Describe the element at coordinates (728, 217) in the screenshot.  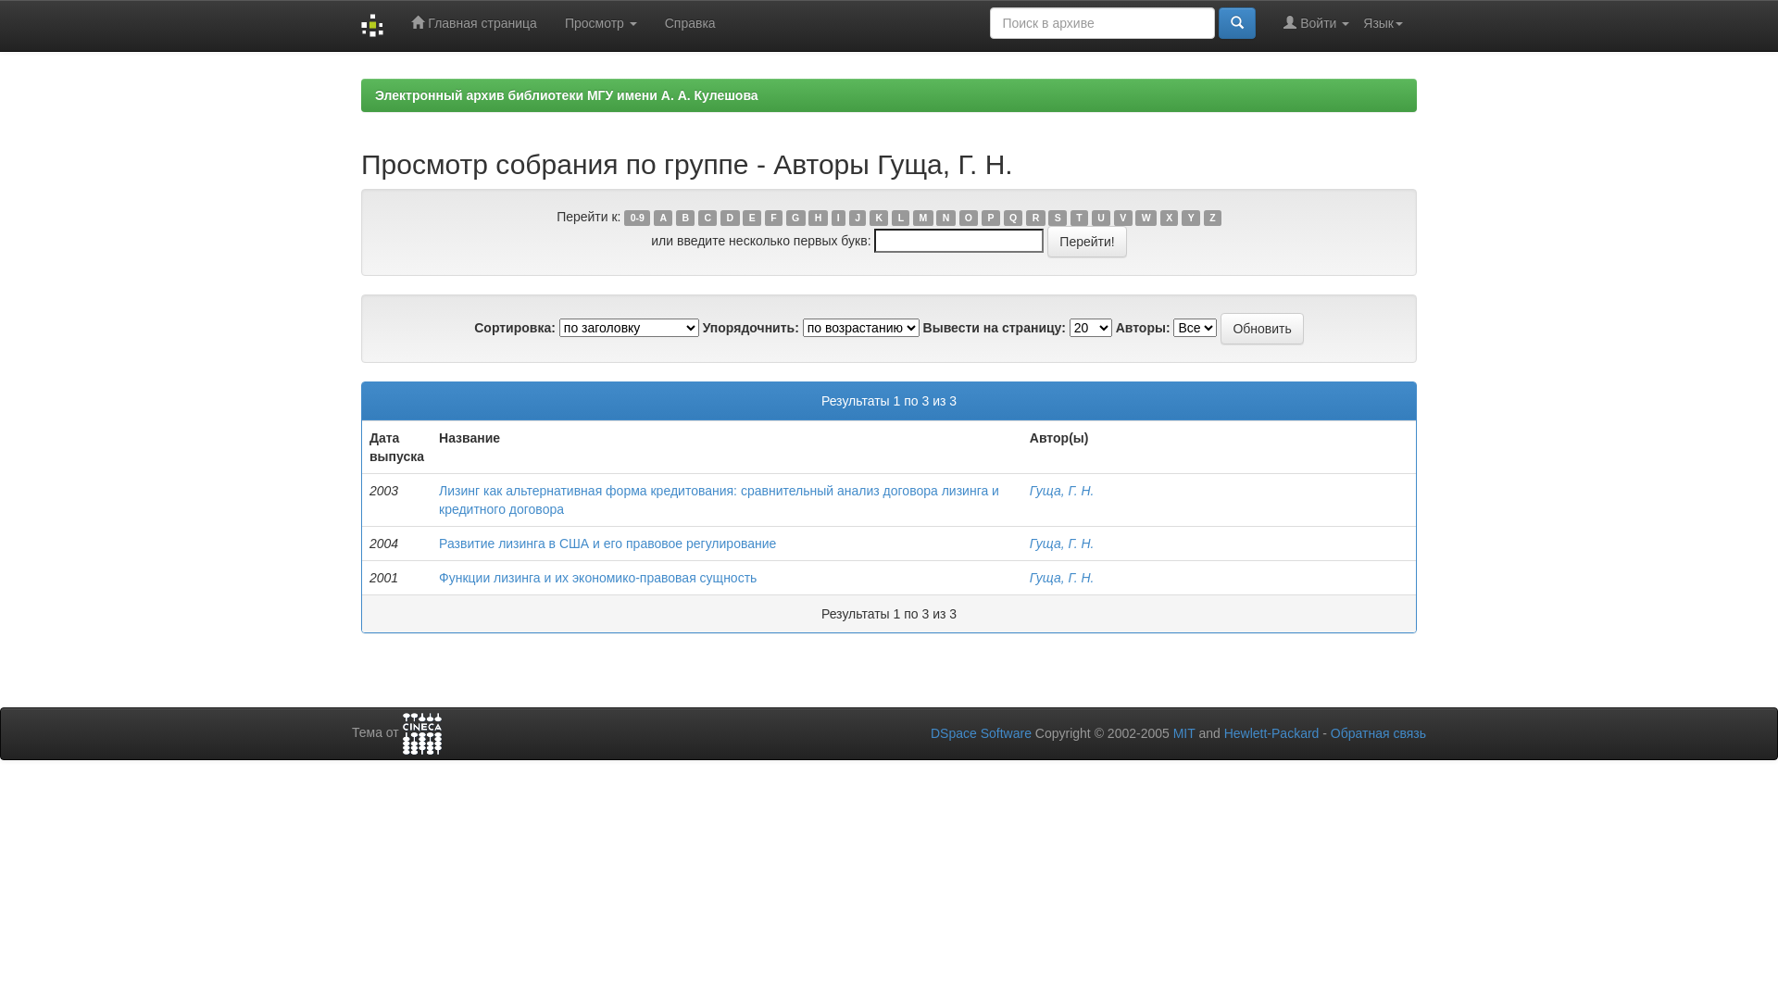
I see `'D'` at that location.